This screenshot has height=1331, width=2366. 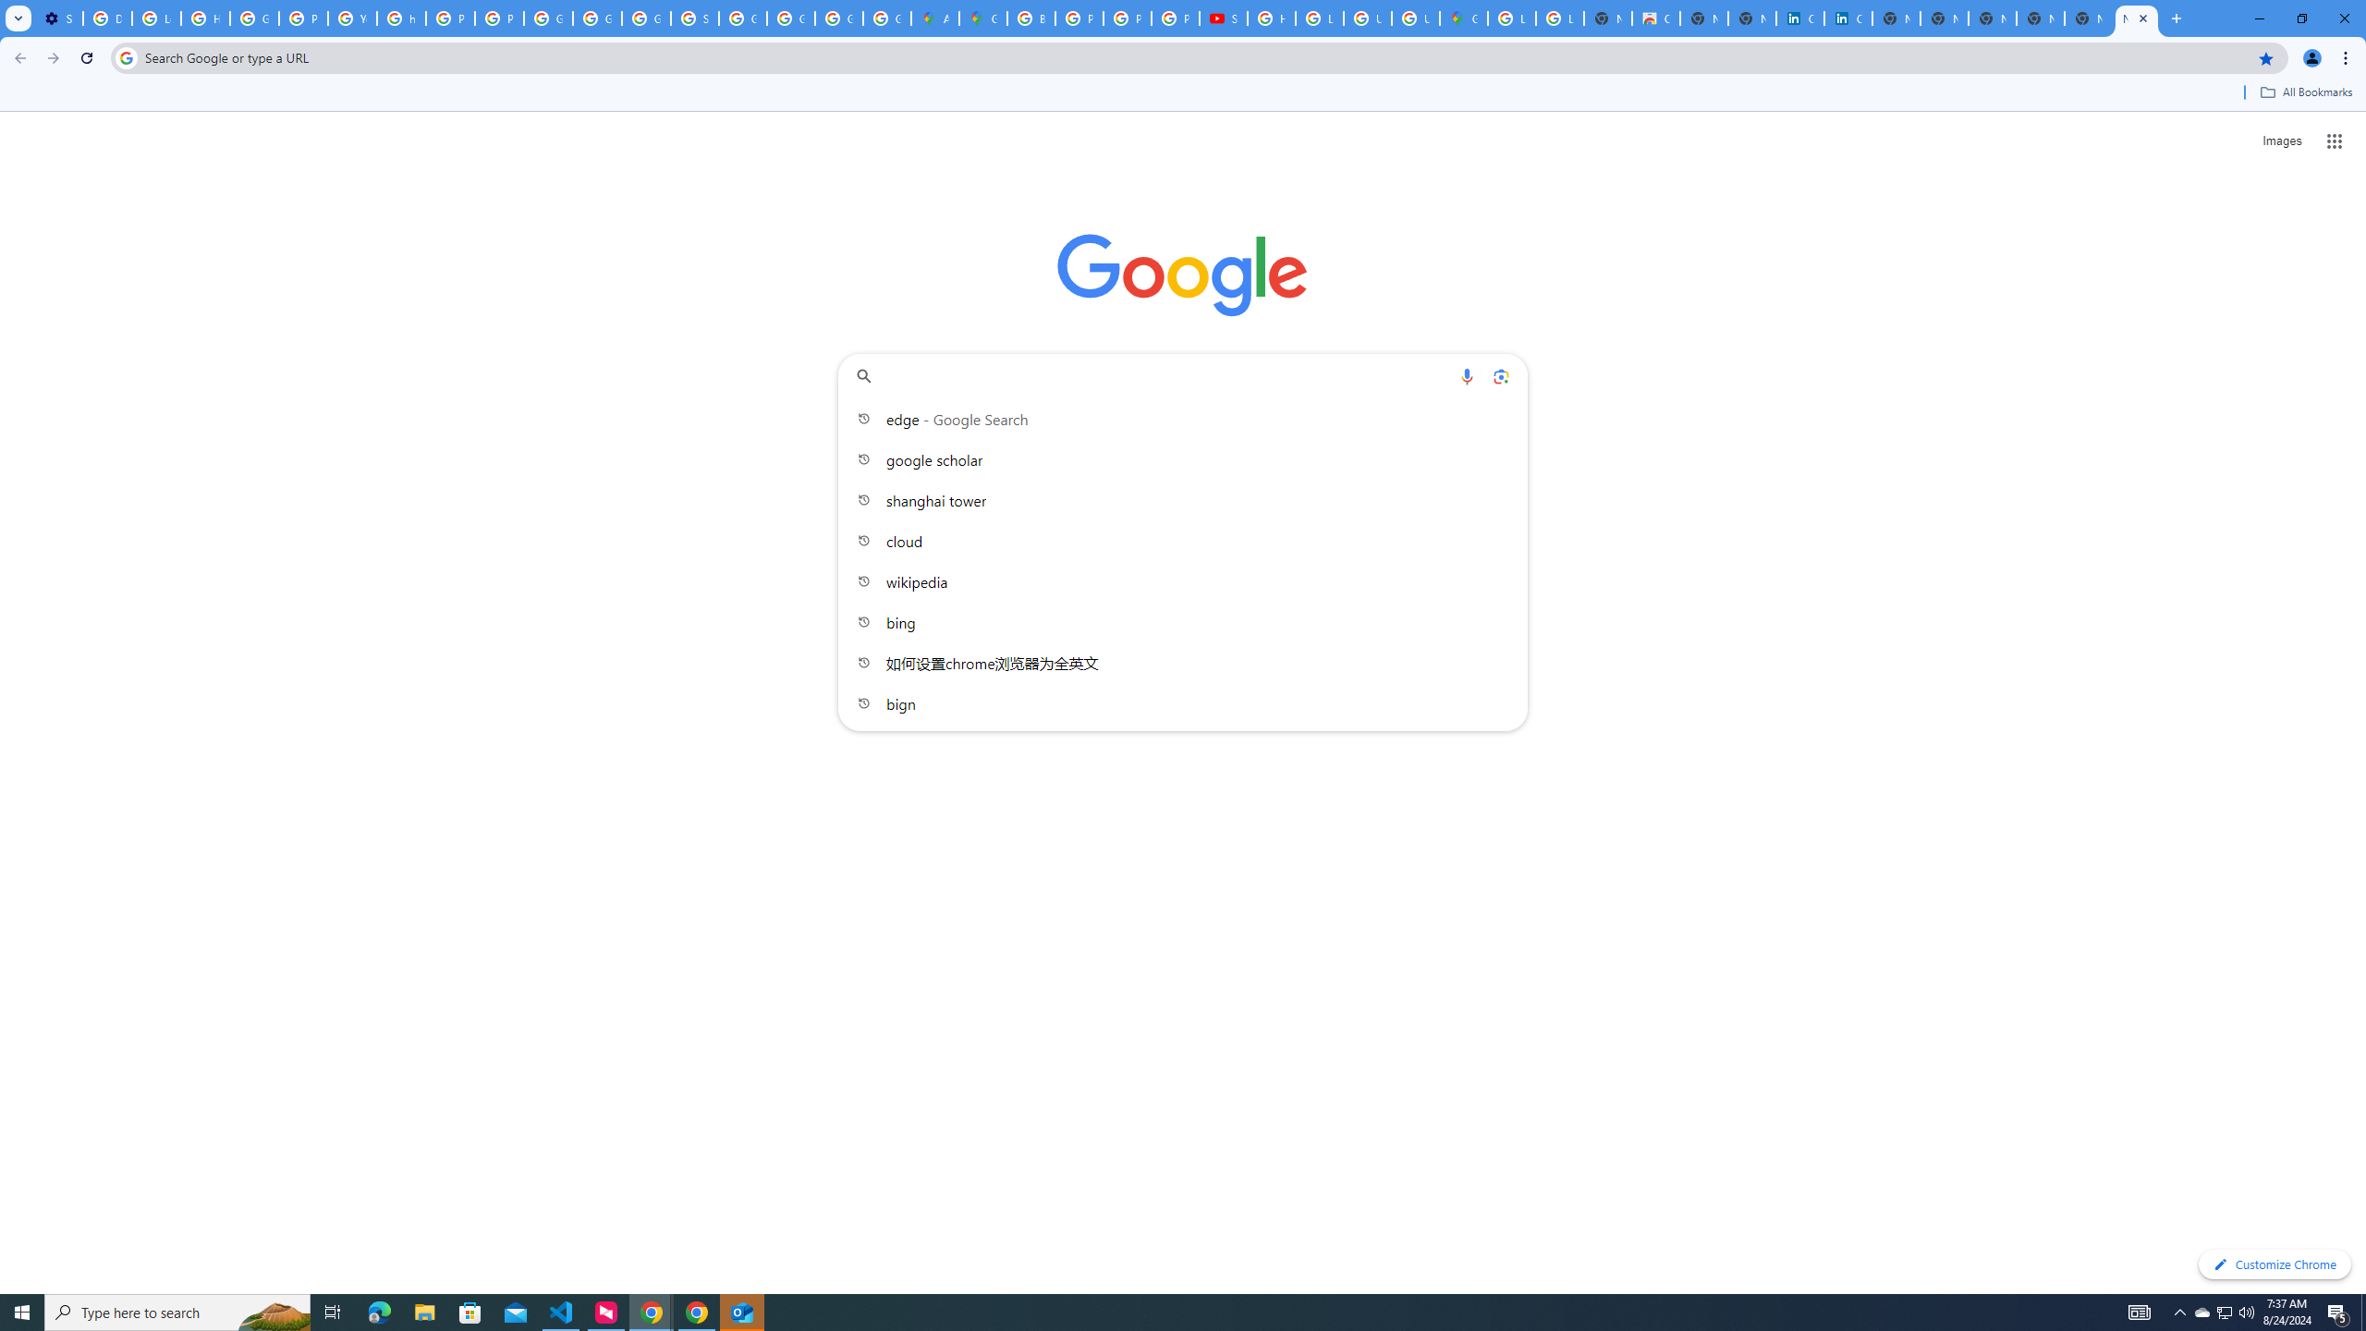 What do you see at coordinates (693, 18) in the screenshot?
I see `'Sign in - Google Accounts'` at bounding box center [693, 18].